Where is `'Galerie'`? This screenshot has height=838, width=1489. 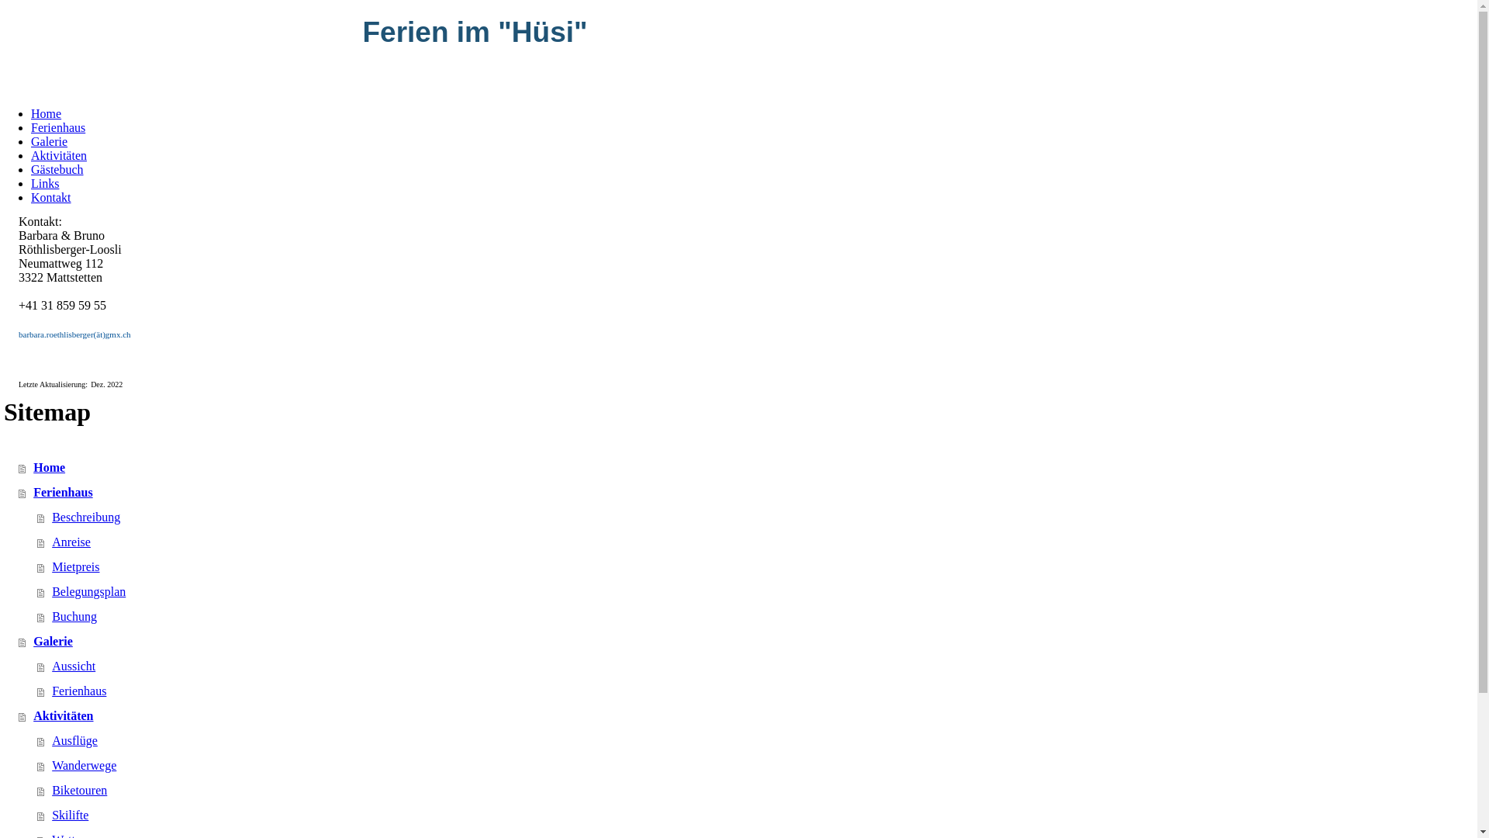 'Galerie' is located at coordinates (49, 141).